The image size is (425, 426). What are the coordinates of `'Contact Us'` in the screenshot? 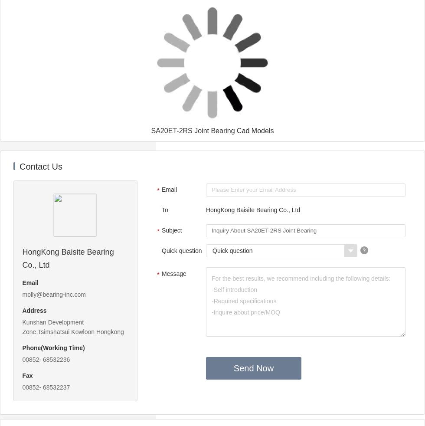 It's located at (40, 166).